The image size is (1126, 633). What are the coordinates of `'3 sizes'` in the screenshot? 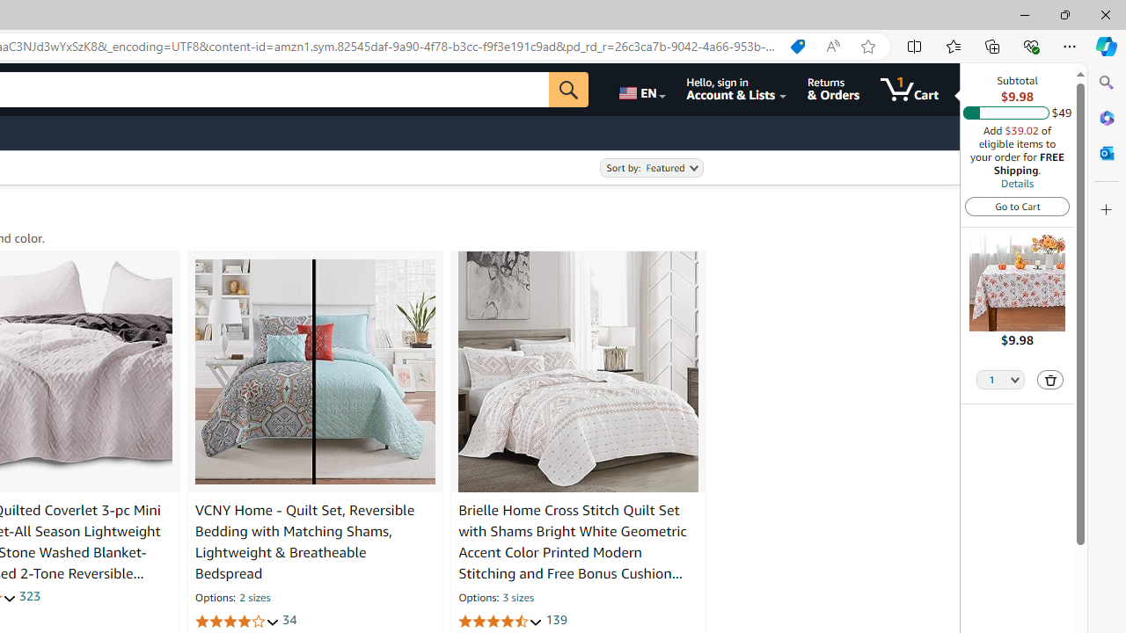 It's located at (516, 598).